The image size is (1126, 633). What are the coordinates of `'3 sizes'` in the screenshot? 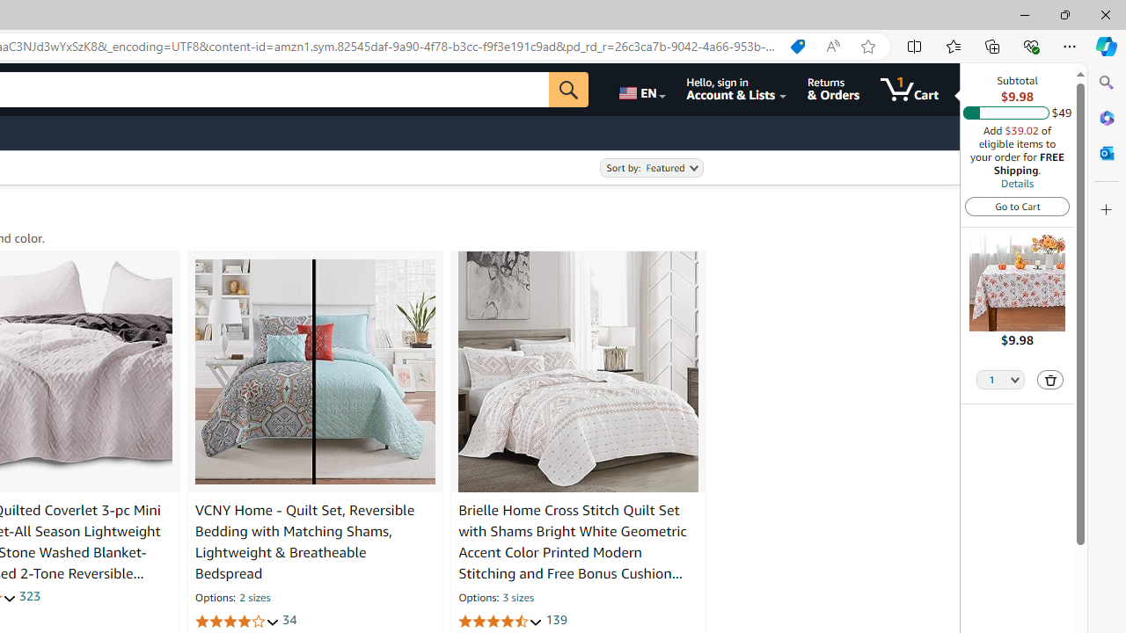 It's located at (516, 598).